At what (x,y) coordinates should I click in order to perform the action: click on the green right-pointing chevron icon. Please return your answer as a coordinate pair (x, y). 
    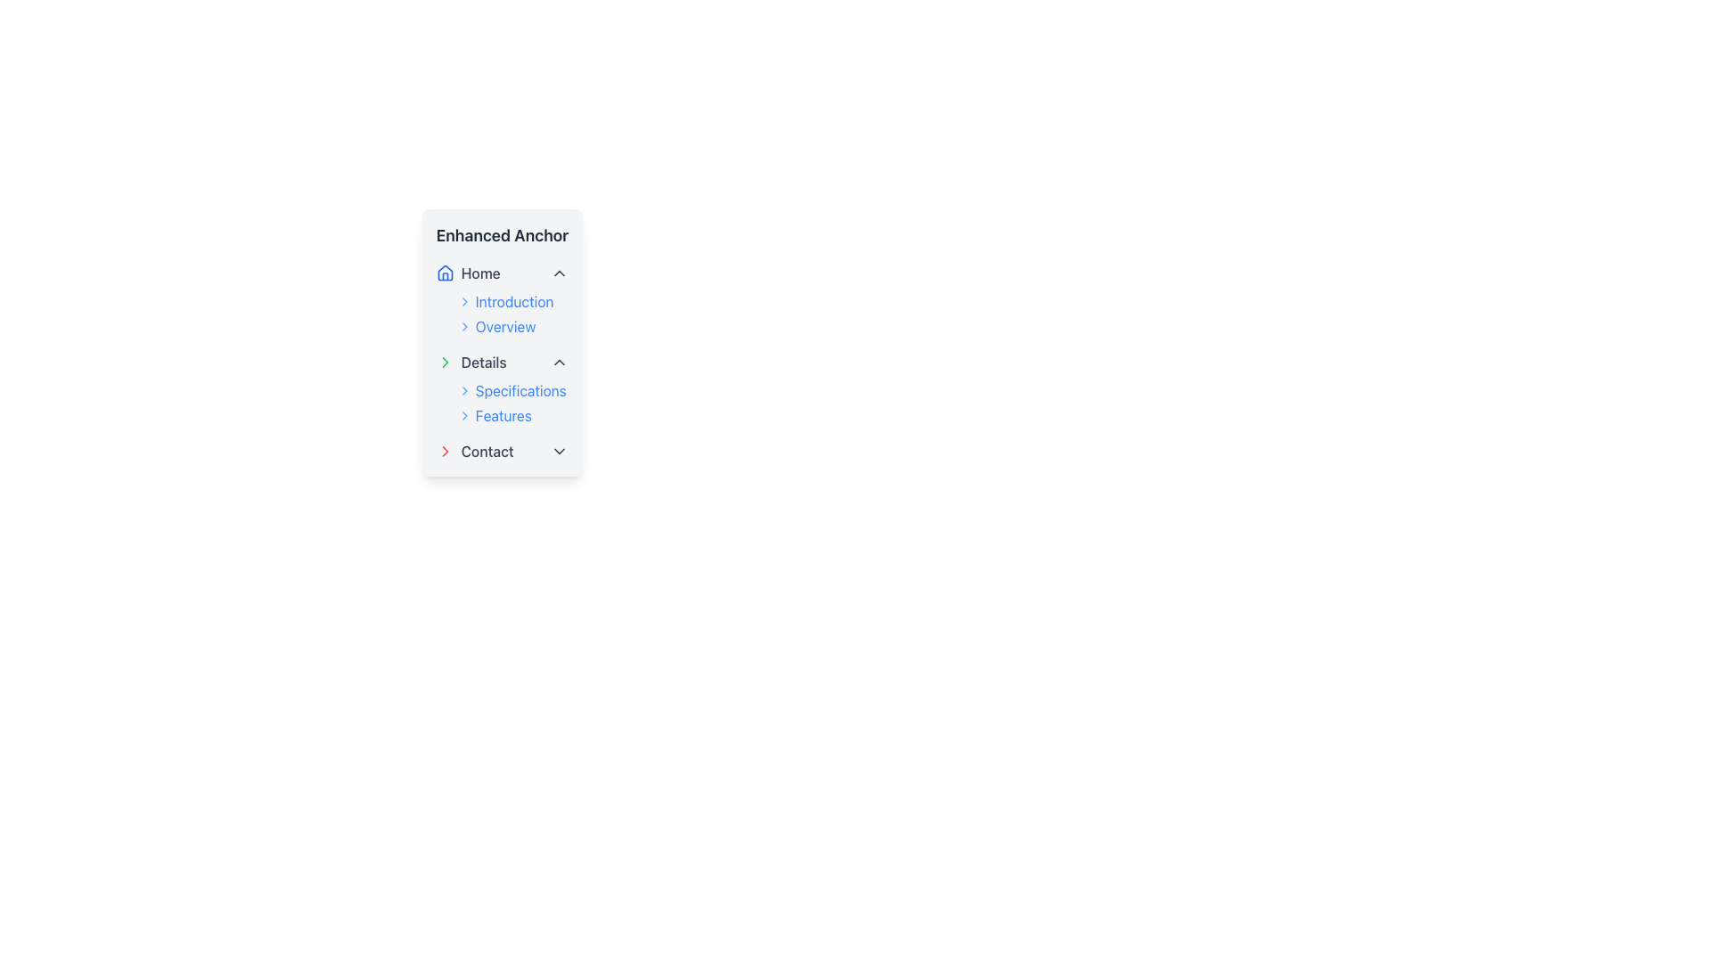
    Looking at the image, I should click on (445, 362).